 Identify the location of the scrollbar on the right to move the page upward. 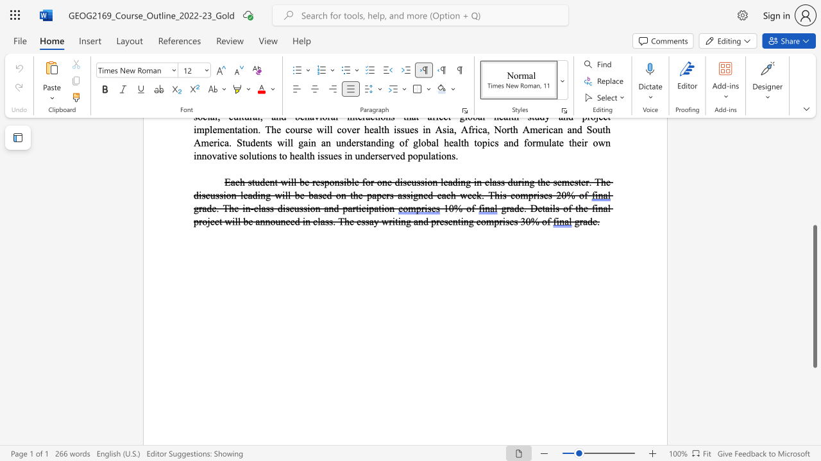
(814, 159).